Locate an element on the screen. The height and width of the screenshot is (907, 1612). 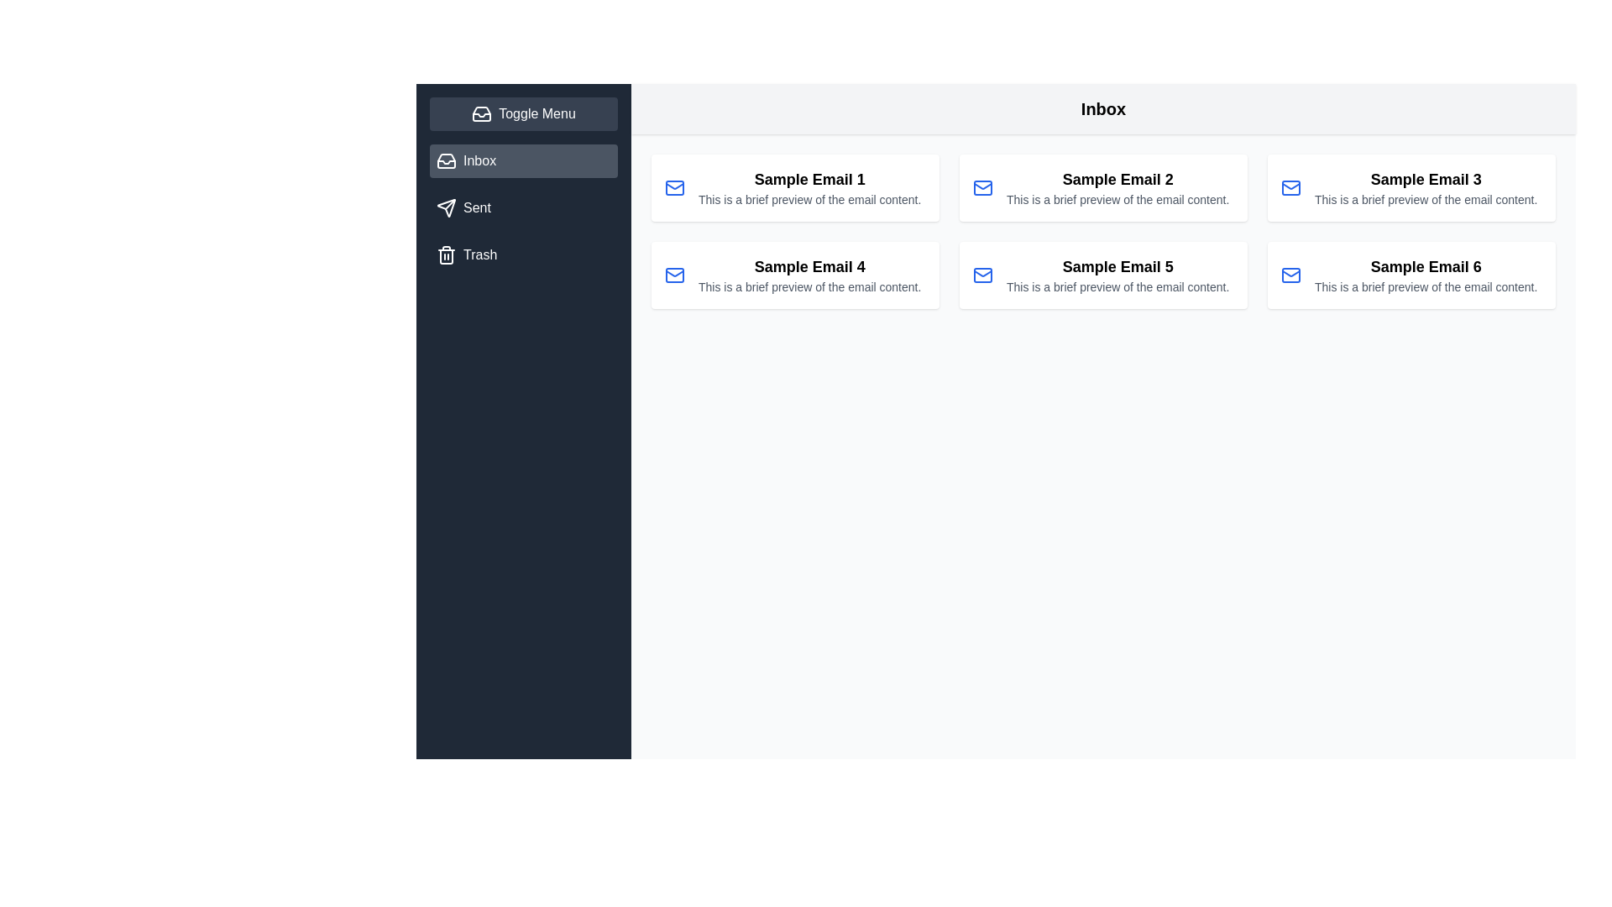
the clickable card element representing an email is located at coordinates (1117, 274).